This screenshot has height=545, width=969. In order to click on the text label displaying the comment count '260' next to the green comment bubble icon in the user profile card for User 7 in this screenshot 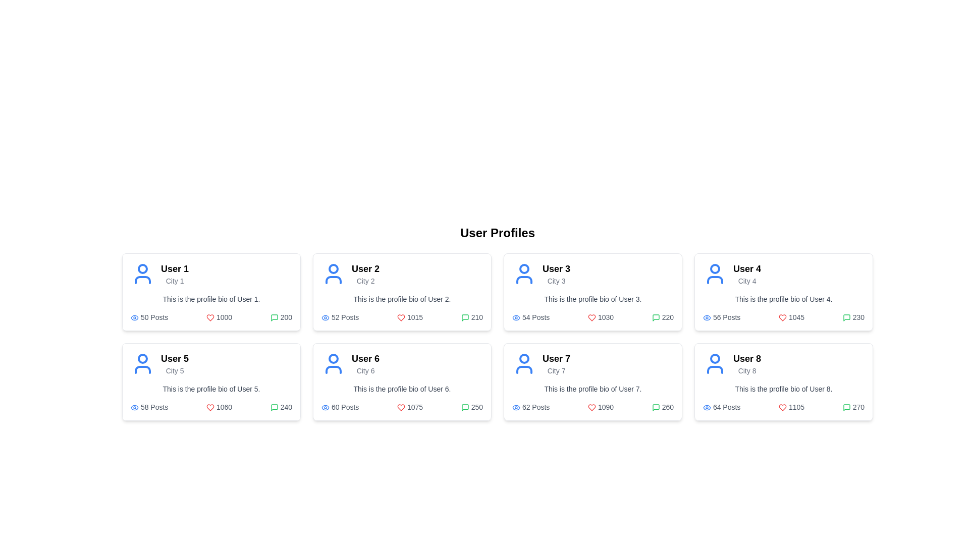, I will do `click(663, 406)`.